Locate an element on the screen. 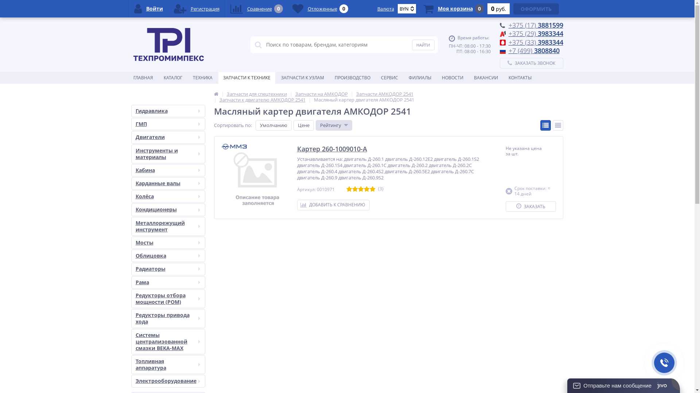 The width and height of the screenshot is (700, 393). '1' is located at coordinates (349, 189).